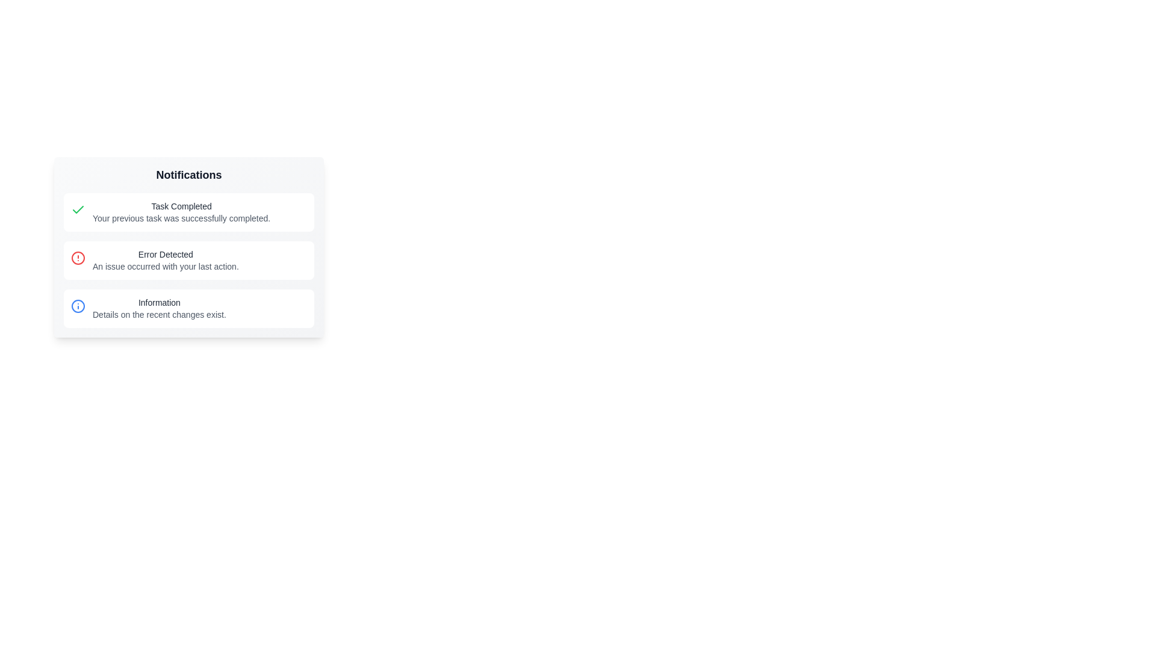  What do you see at coordinates (165, 266) in the screenshot?
I see `text passage that states 'An issue occurred with your last action.' located centrally in the notification panel, under the 'Error Detected' heading` at bounding box center [165, 266].